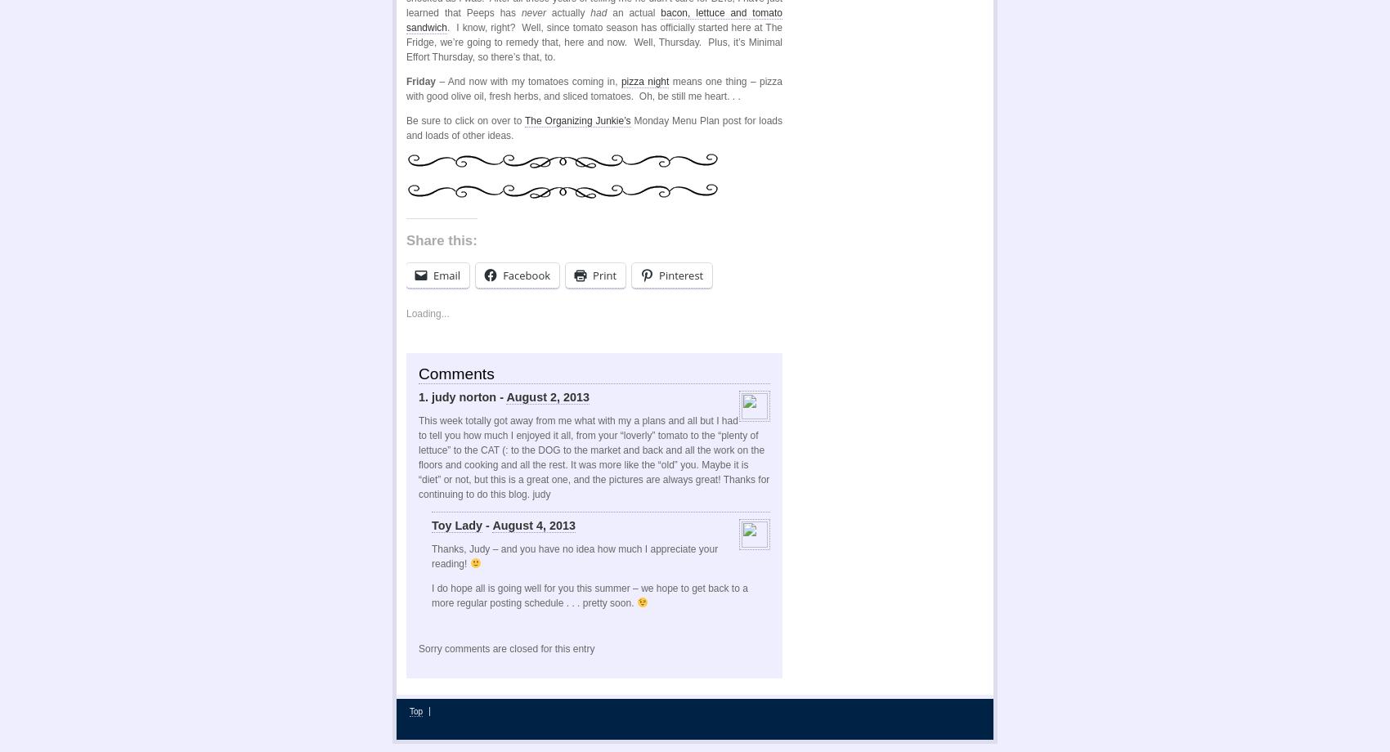 The image size is (1390, 752). I want to click on 'Sorry comments are closed for this entry', so click(505, 648).